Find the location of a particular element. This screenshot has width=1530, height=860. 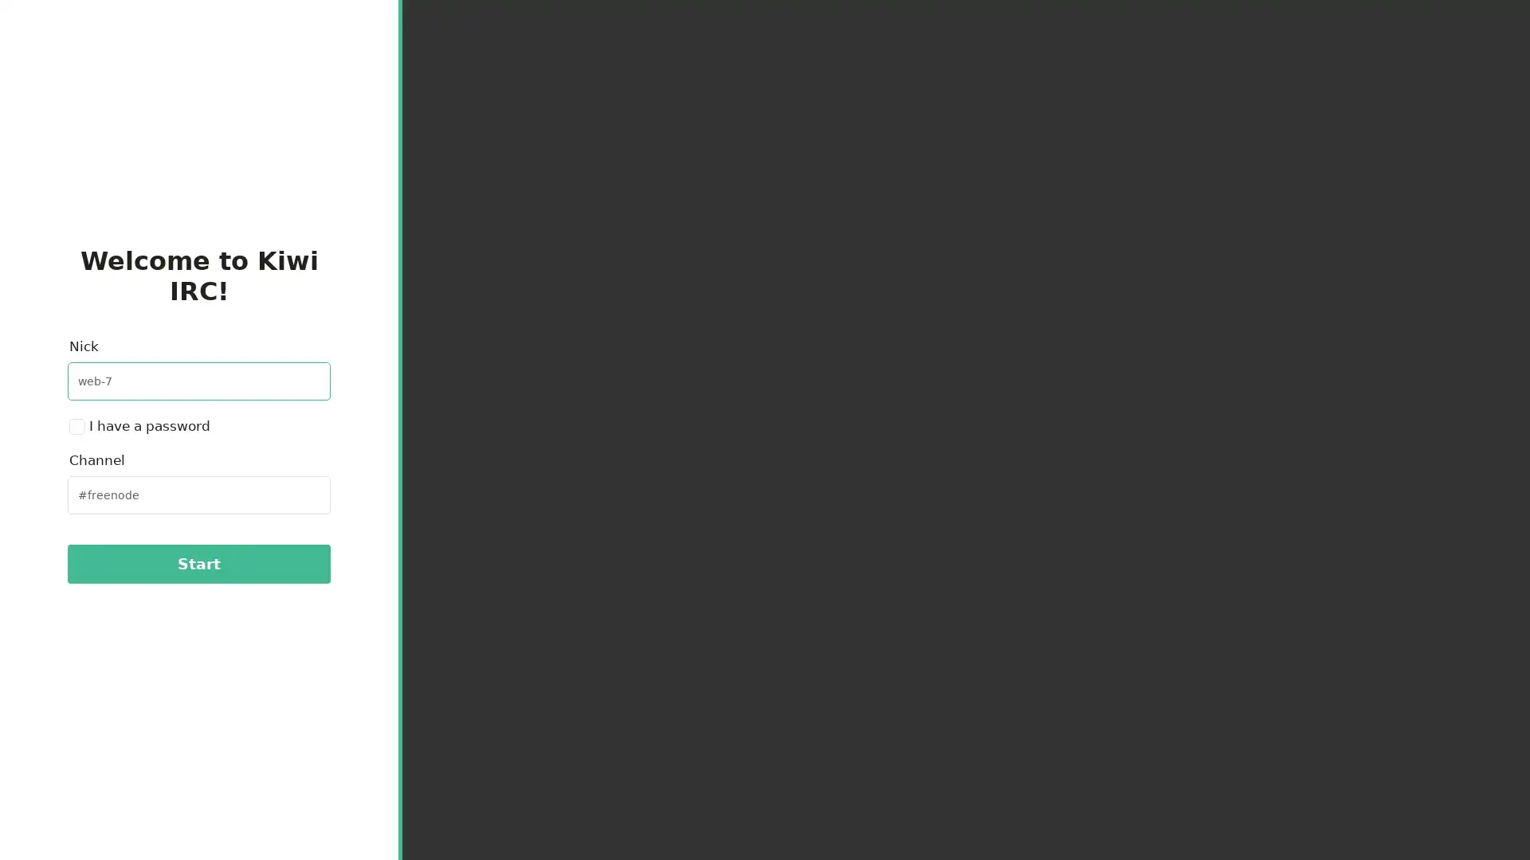

Start is located at coordinates (198, 563).